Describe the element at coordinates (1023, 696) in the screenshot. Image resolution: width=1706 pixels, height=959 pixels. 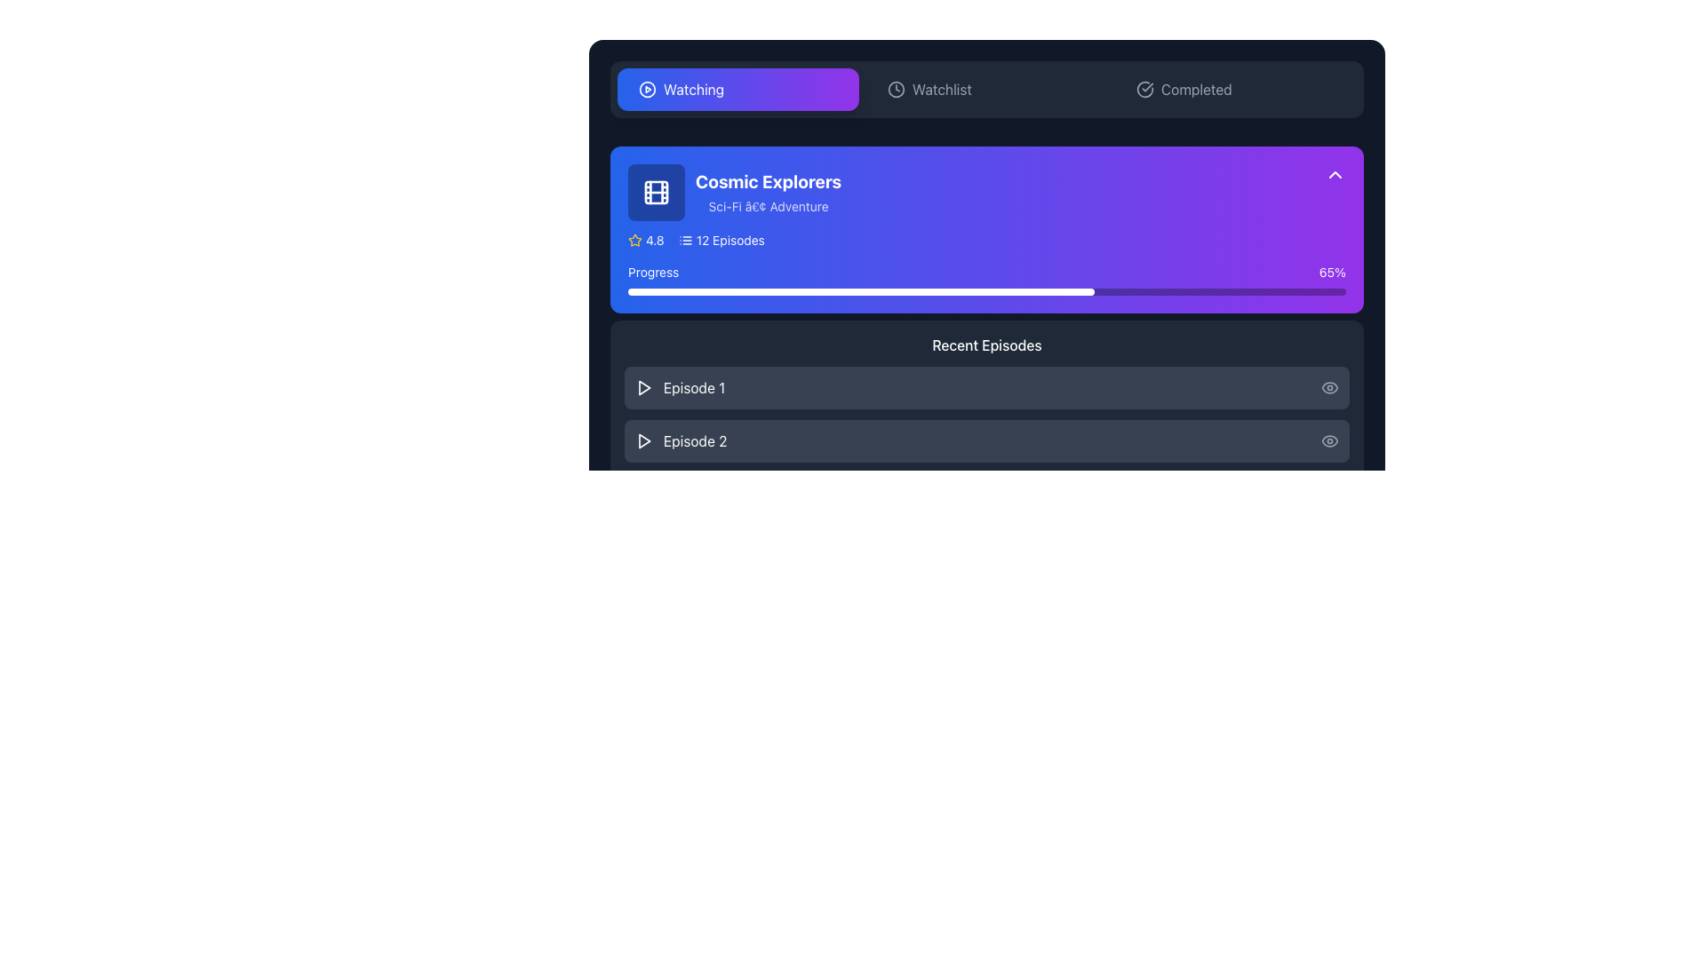
I see `the progress` at that location.